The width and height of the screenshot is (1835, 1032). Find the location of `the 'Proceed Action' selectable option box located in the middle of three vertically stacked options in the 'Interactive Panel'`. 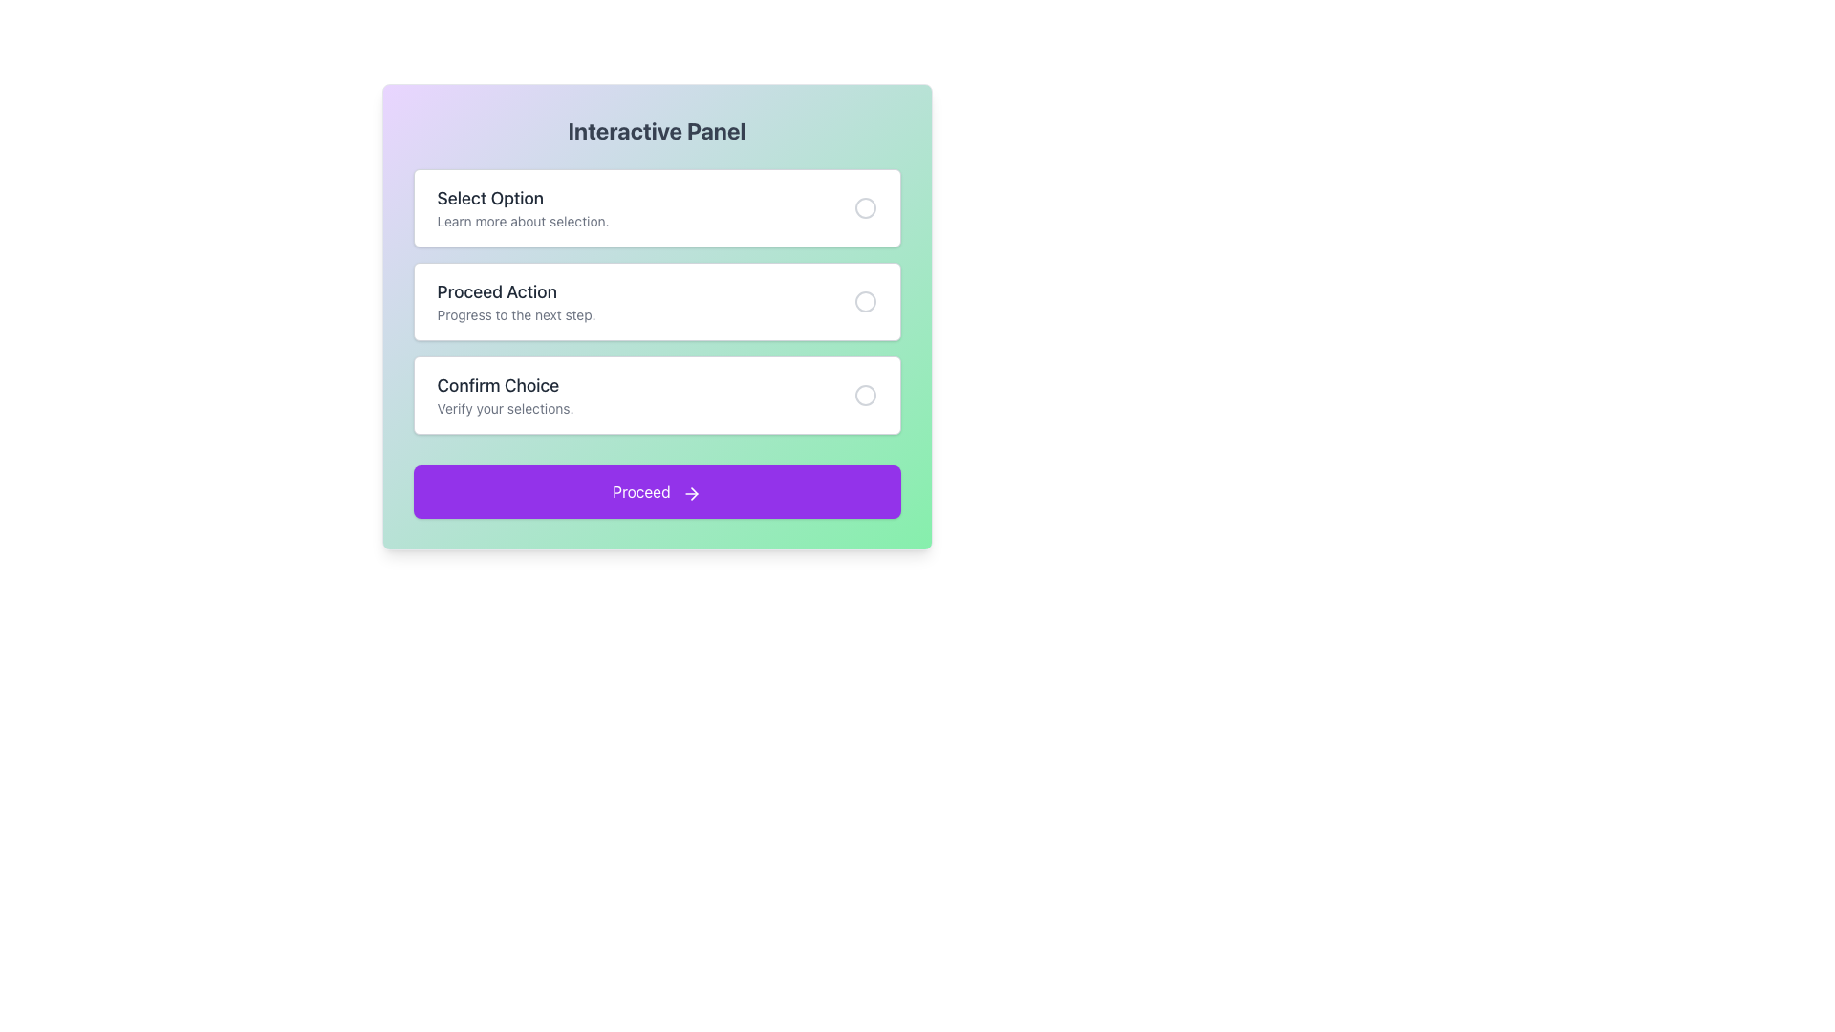

the 'Proceed Action' selectable option box located in the middle of three vertically stacked options in the 'Interactive Panel' is located at coordinates (657, 301).